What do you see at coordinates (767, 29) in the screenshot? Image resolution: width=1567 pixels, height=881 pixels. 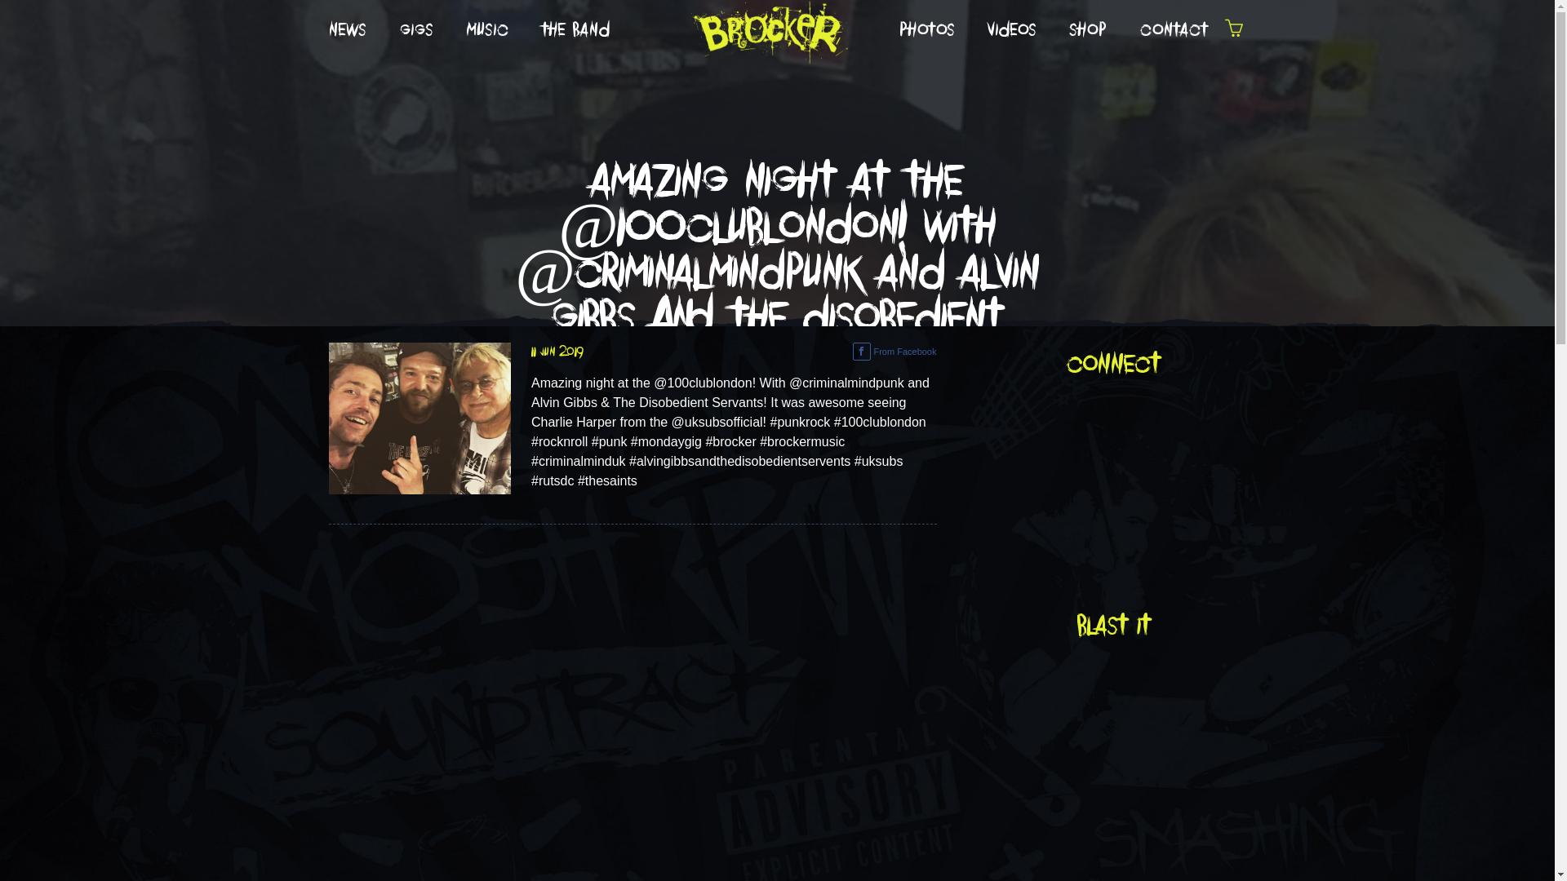 I see `'BROCKER'` at bounding box center [767, 29].